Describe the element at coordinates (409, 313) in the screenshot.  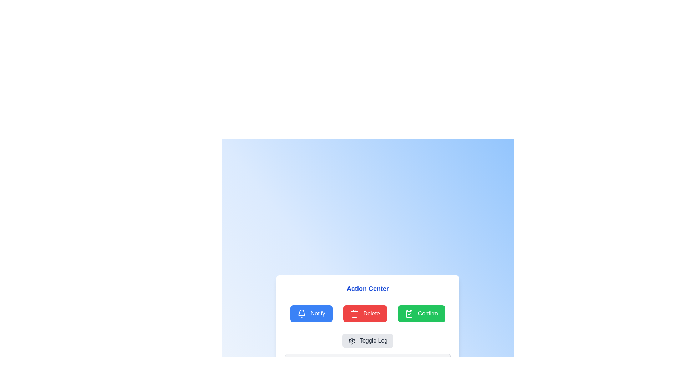
I see `the confirmation icon that enhances the 'Confirm' button located at the right end of the row of buttons under the 'Action Center' title` at that location.